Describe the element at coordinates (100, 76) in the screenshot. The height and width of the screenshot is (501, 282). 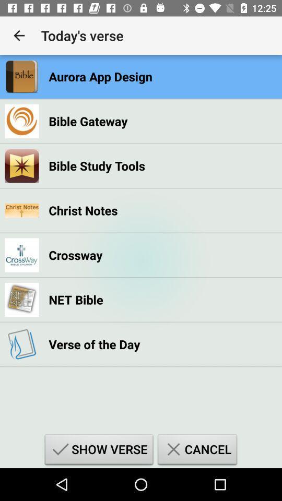
I see `aurora app design` at that location.